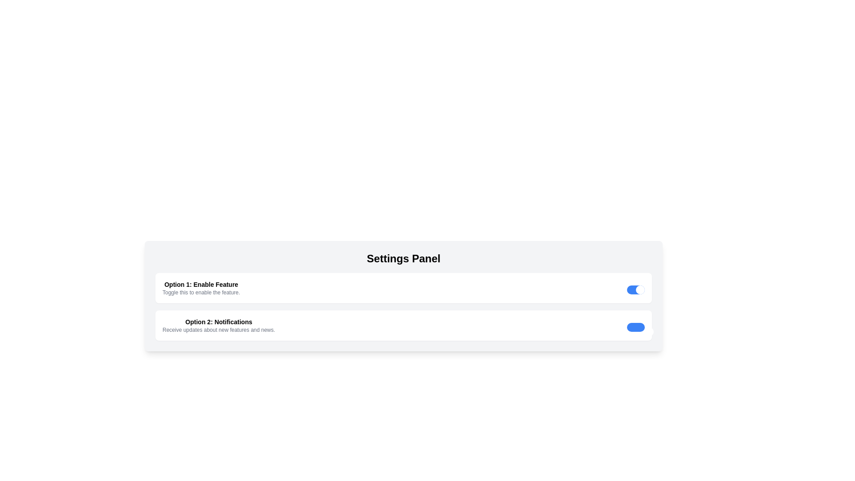 The height and width of the screenshot is (481, 855). I want to click on the right-hand circular knob of the toggle switch, which is a small white circular component on a blue background, so click(640, 290).